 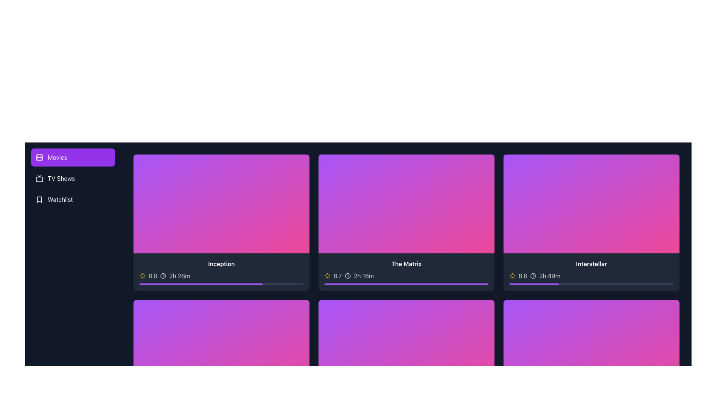 I want to click on the bookmark button located in the top-right corner of the 'Interstellar' media card to bookmark the item for later access, so click(x=670, y=163).